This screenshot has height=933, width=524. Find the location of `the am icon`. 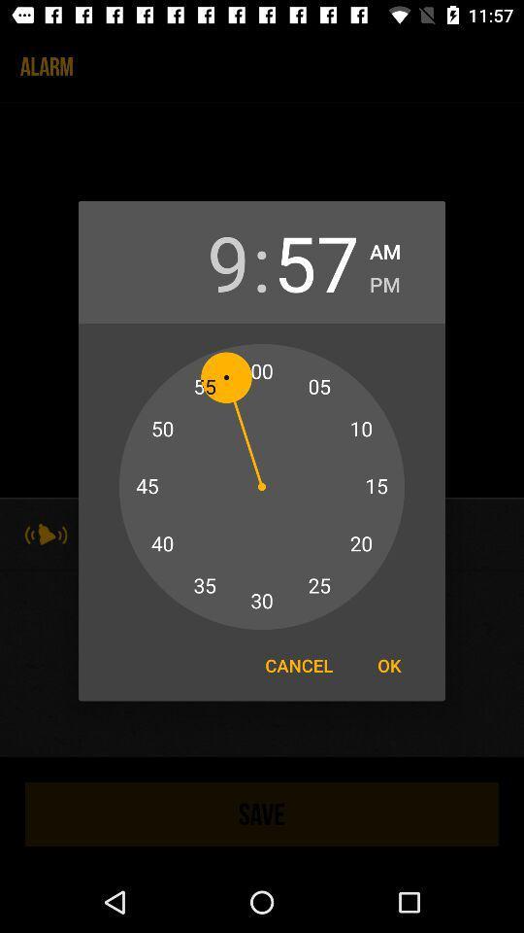

the am icon is located at coordinates (385, 248).